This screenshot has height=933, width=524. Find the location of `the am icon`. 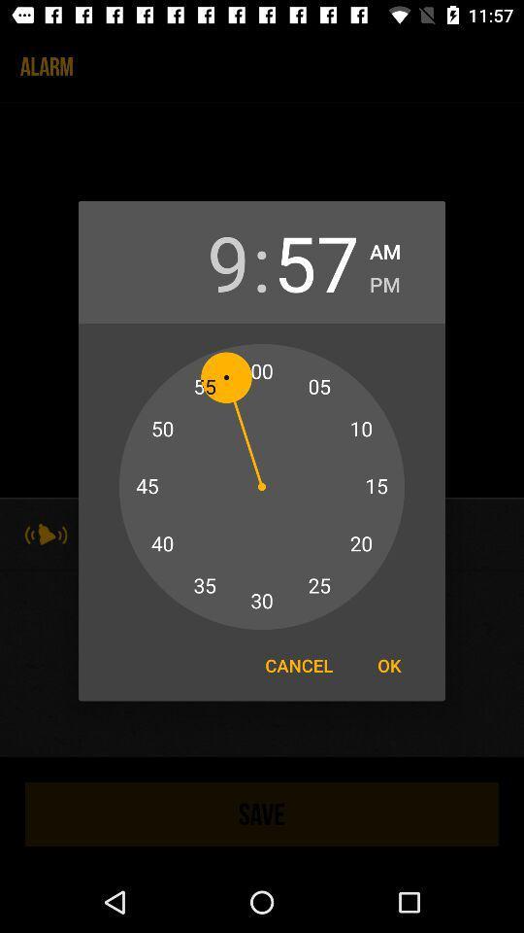

the am icon is located at coordinates (385, 248).